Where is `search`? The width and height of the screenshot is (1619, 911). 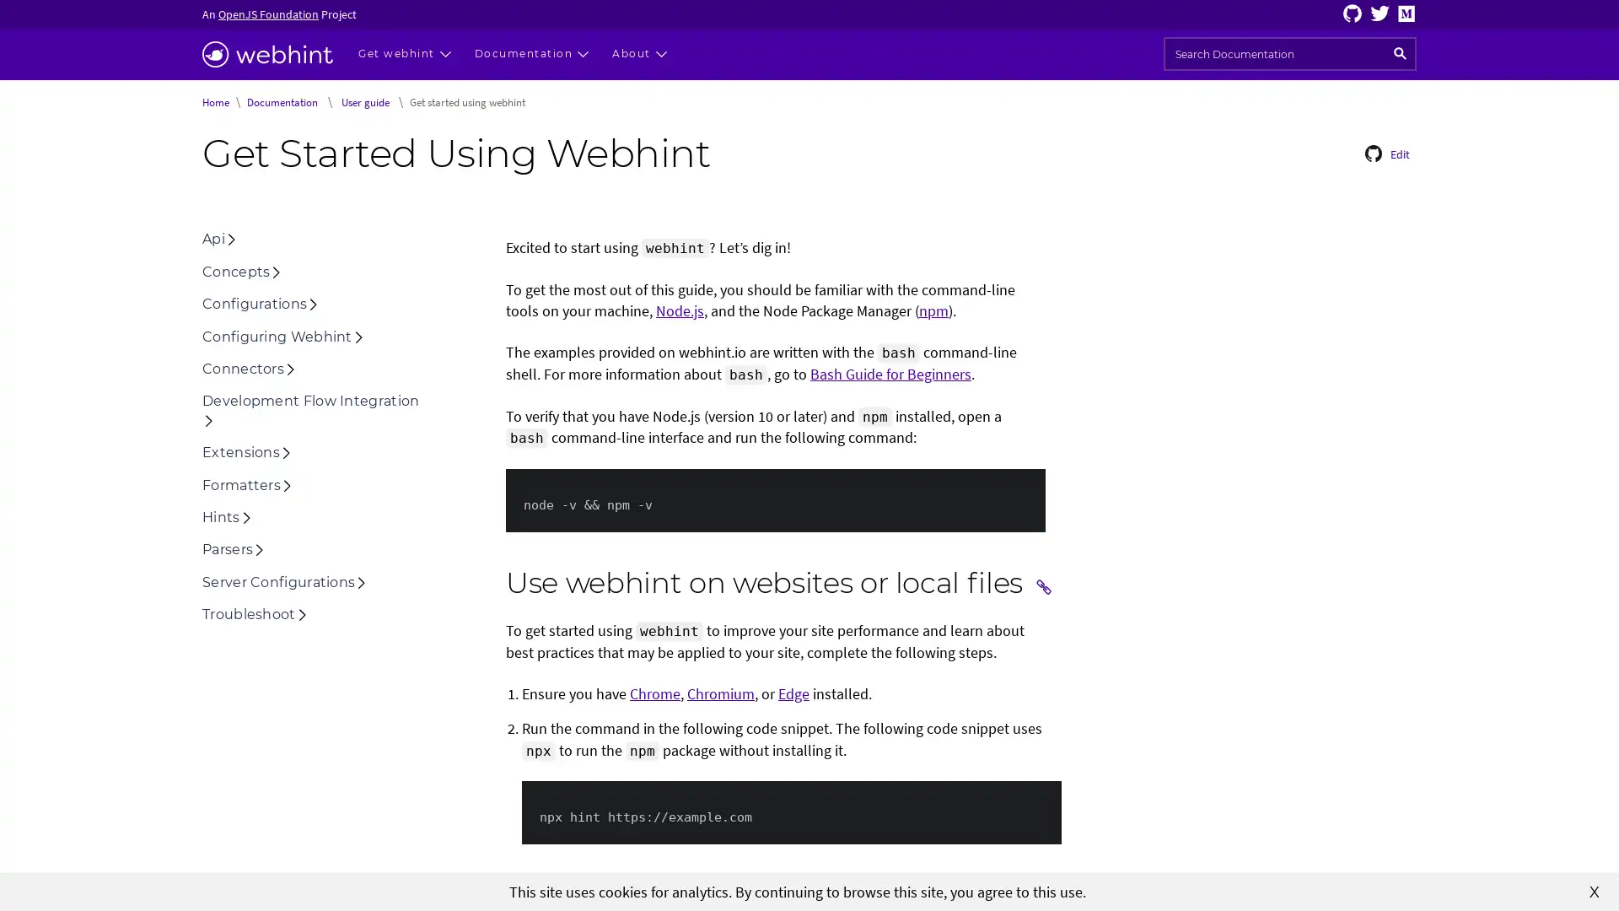 search is located at coordinates (1400, 53).